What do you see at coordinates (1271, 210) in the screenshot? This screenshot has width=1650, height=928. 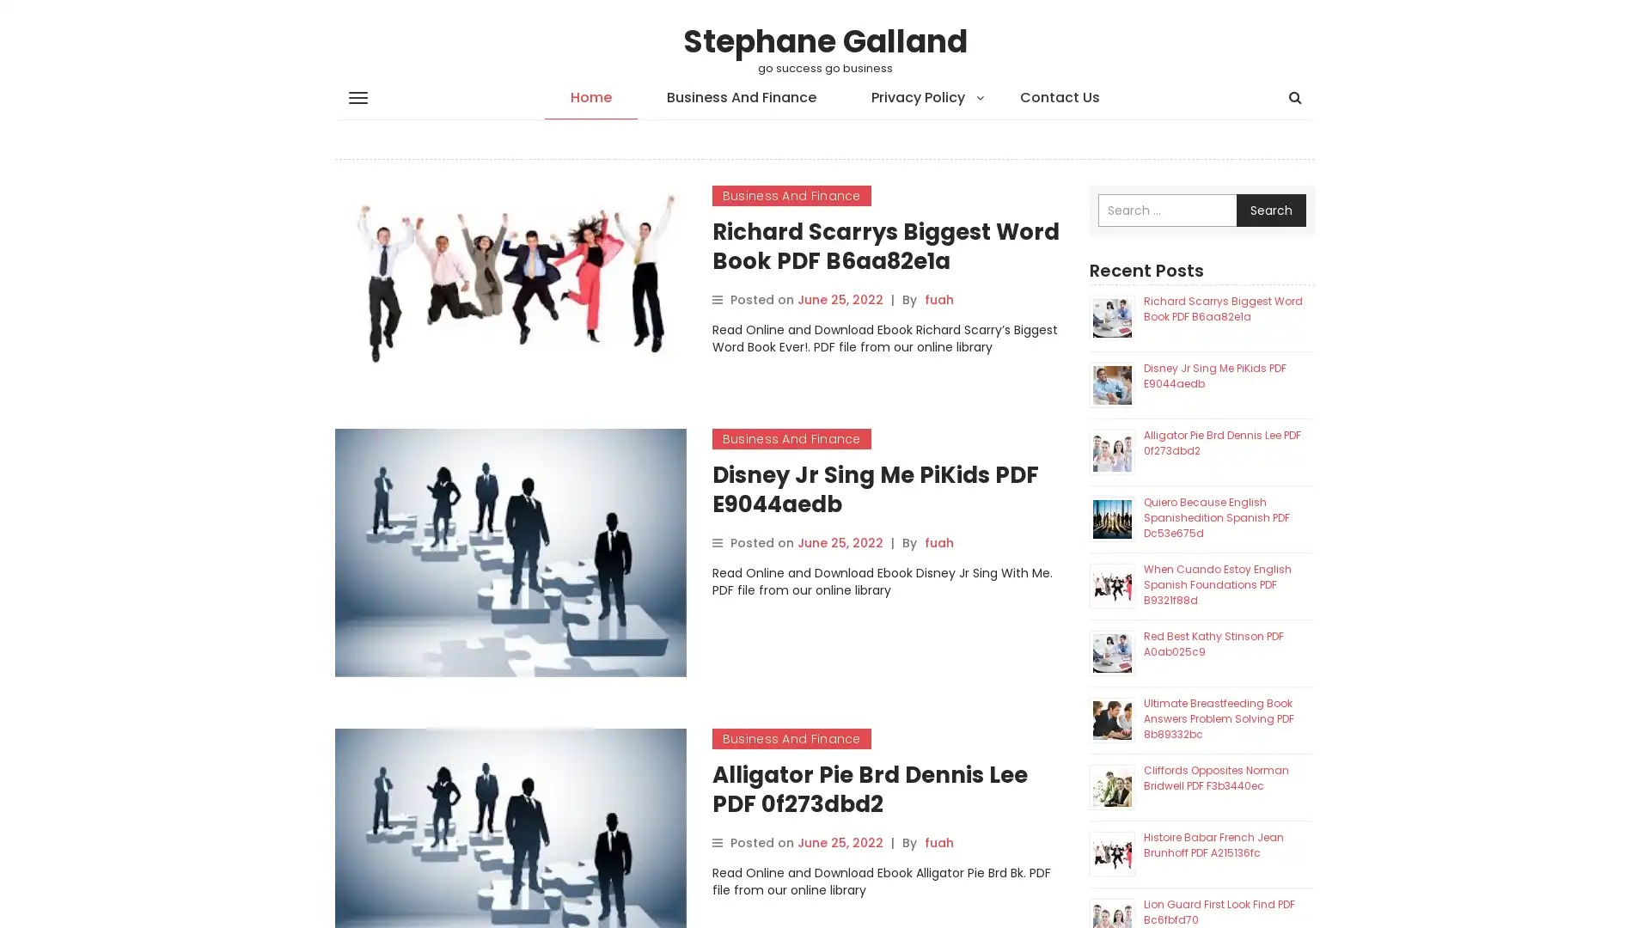 I see `Search` at bounding box center [1271, 210].